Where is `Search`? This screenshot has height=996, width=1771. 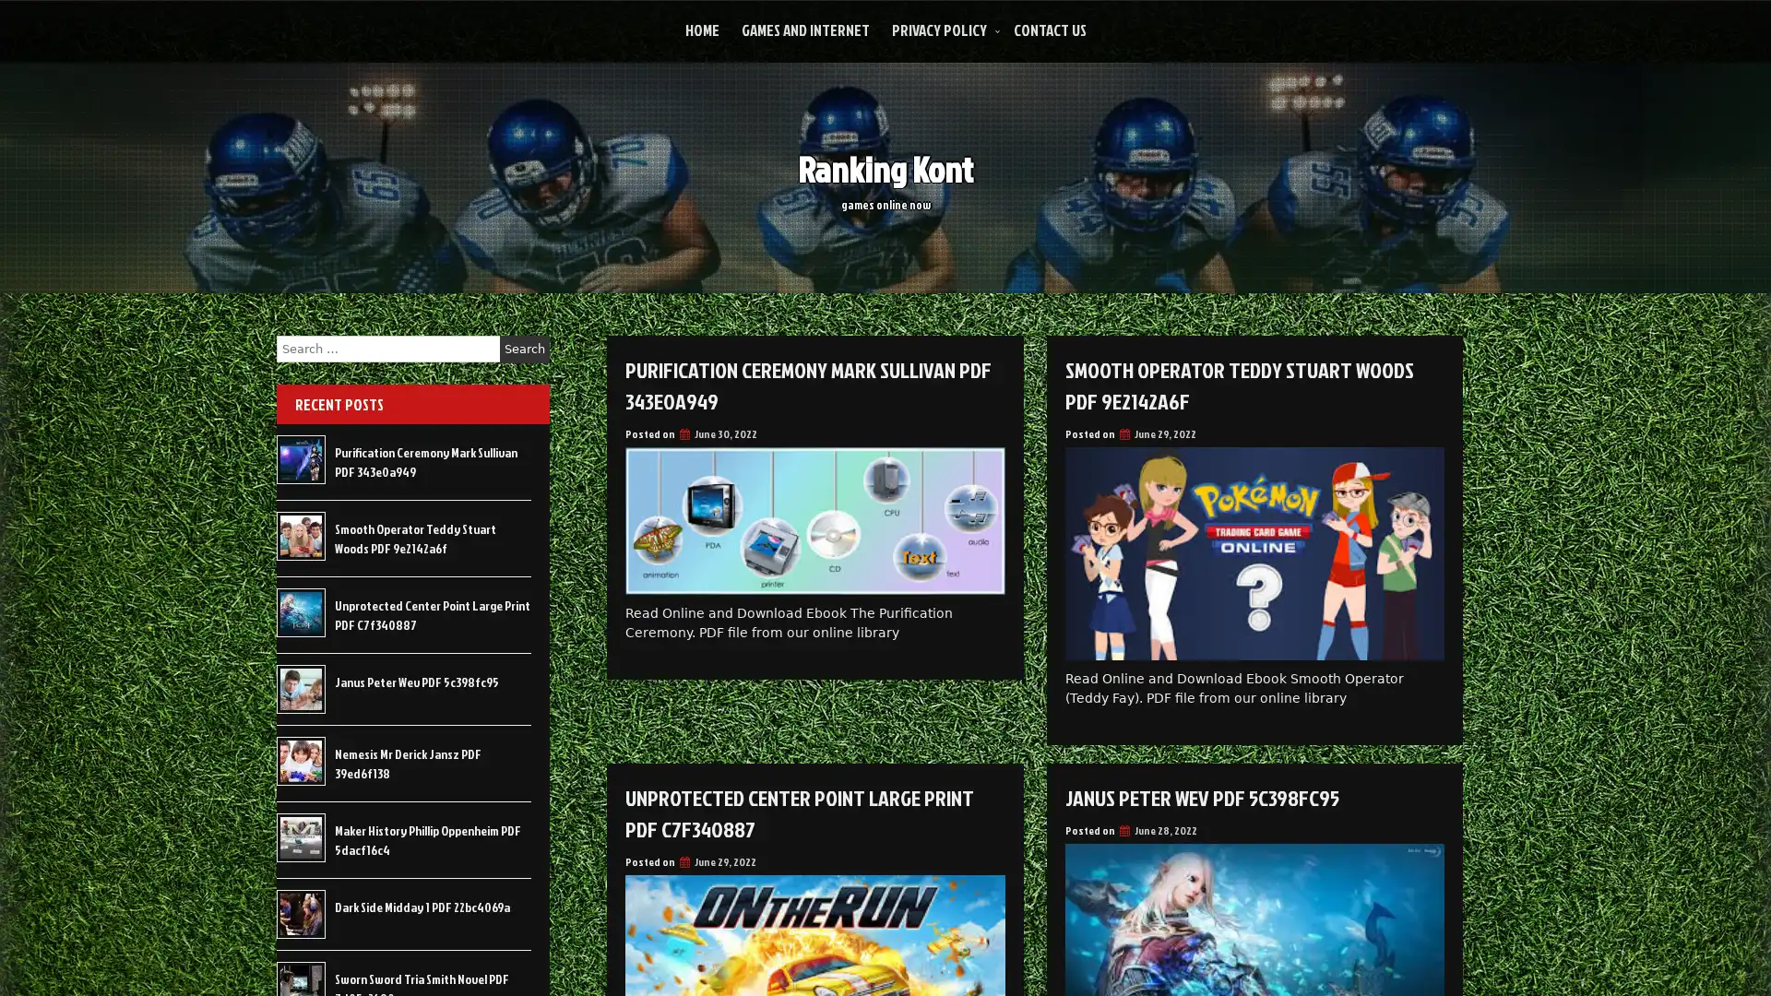
Search is located at coordinates (524, 349).